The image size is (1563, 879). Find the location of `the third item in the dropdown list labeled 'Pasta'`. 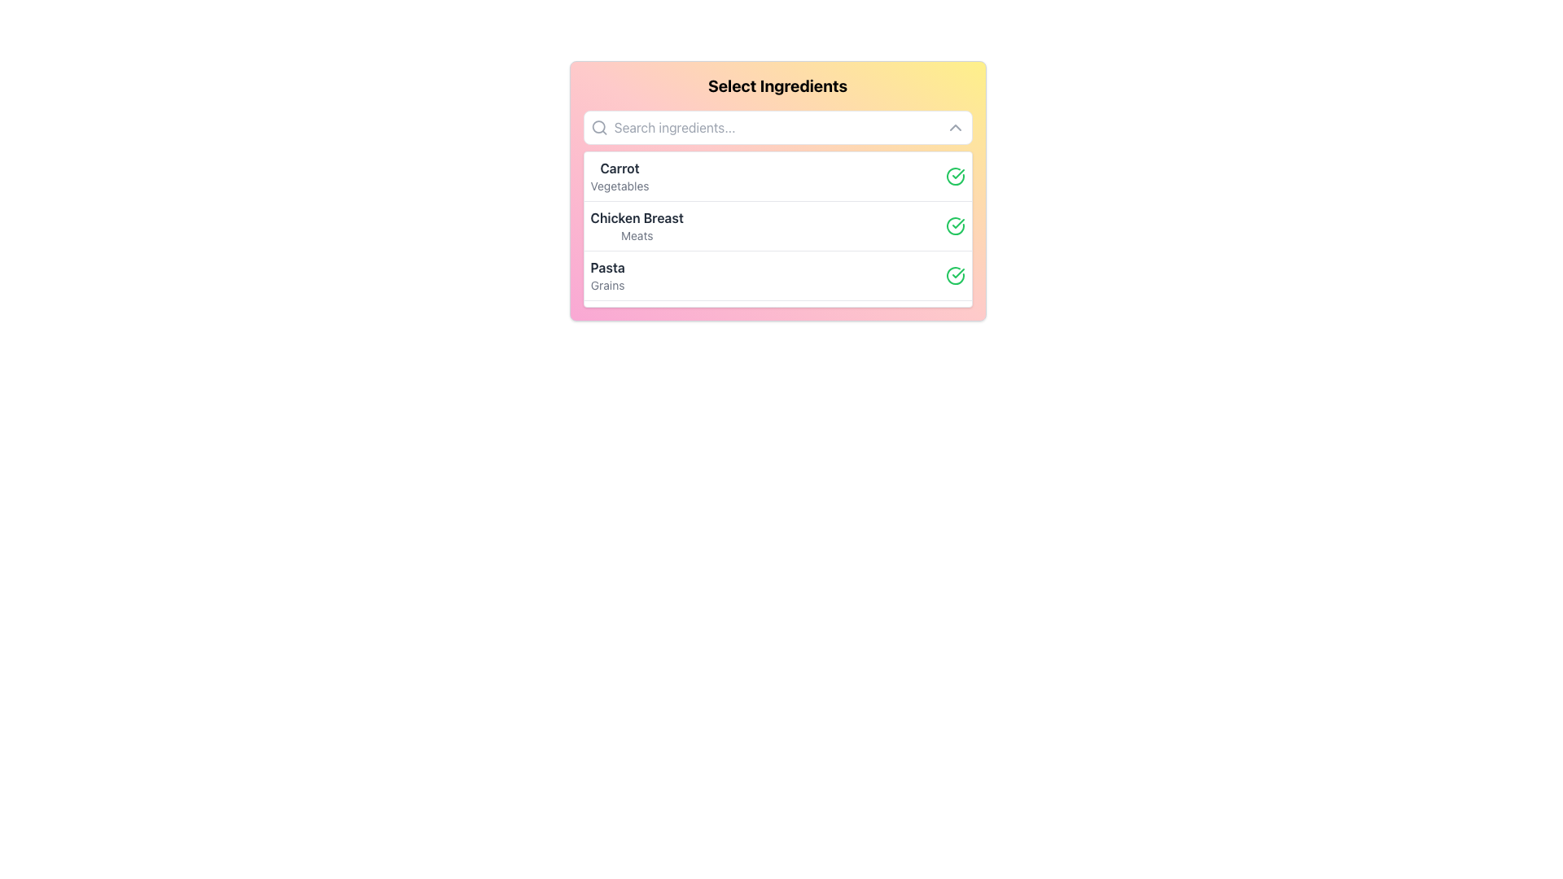

the third item in the dropdown list labeled 'Pasta' is located at coordinates (777, 275).